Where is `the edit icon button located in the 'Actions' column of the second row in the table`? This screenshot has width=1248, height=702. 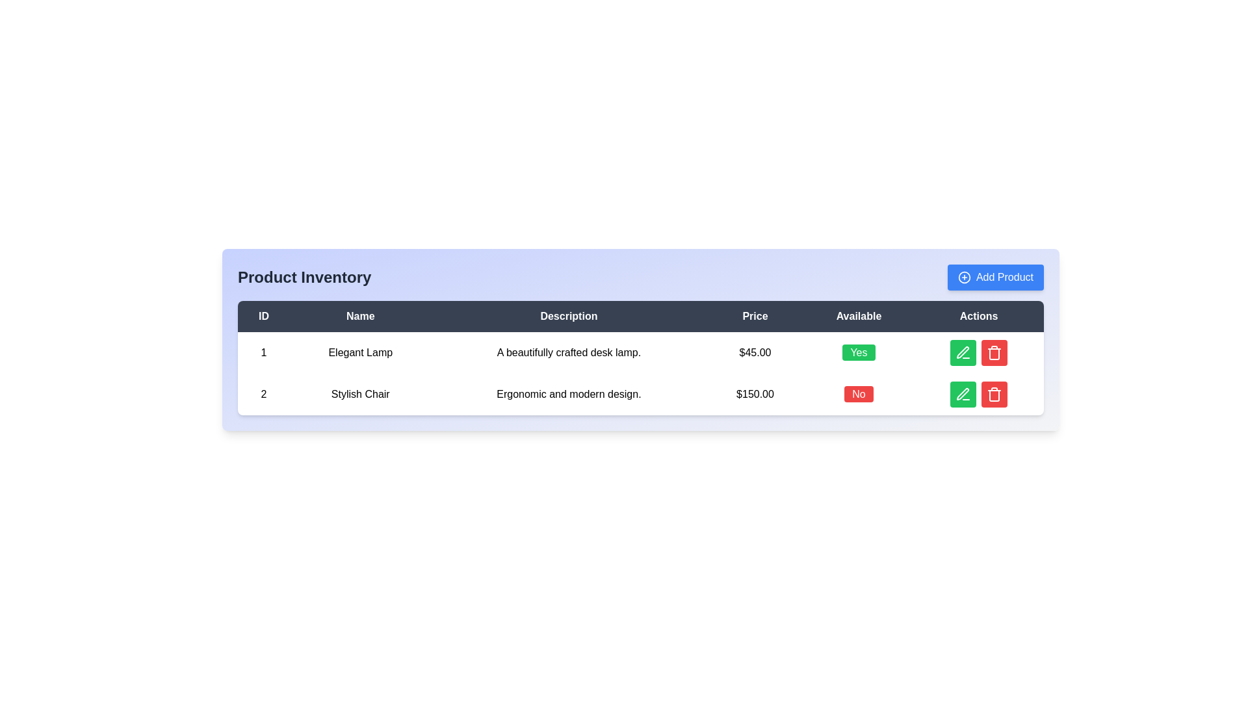 the edit icon button located in the 'Actions' column of the second row in the table is located at coordinates (963, 353).